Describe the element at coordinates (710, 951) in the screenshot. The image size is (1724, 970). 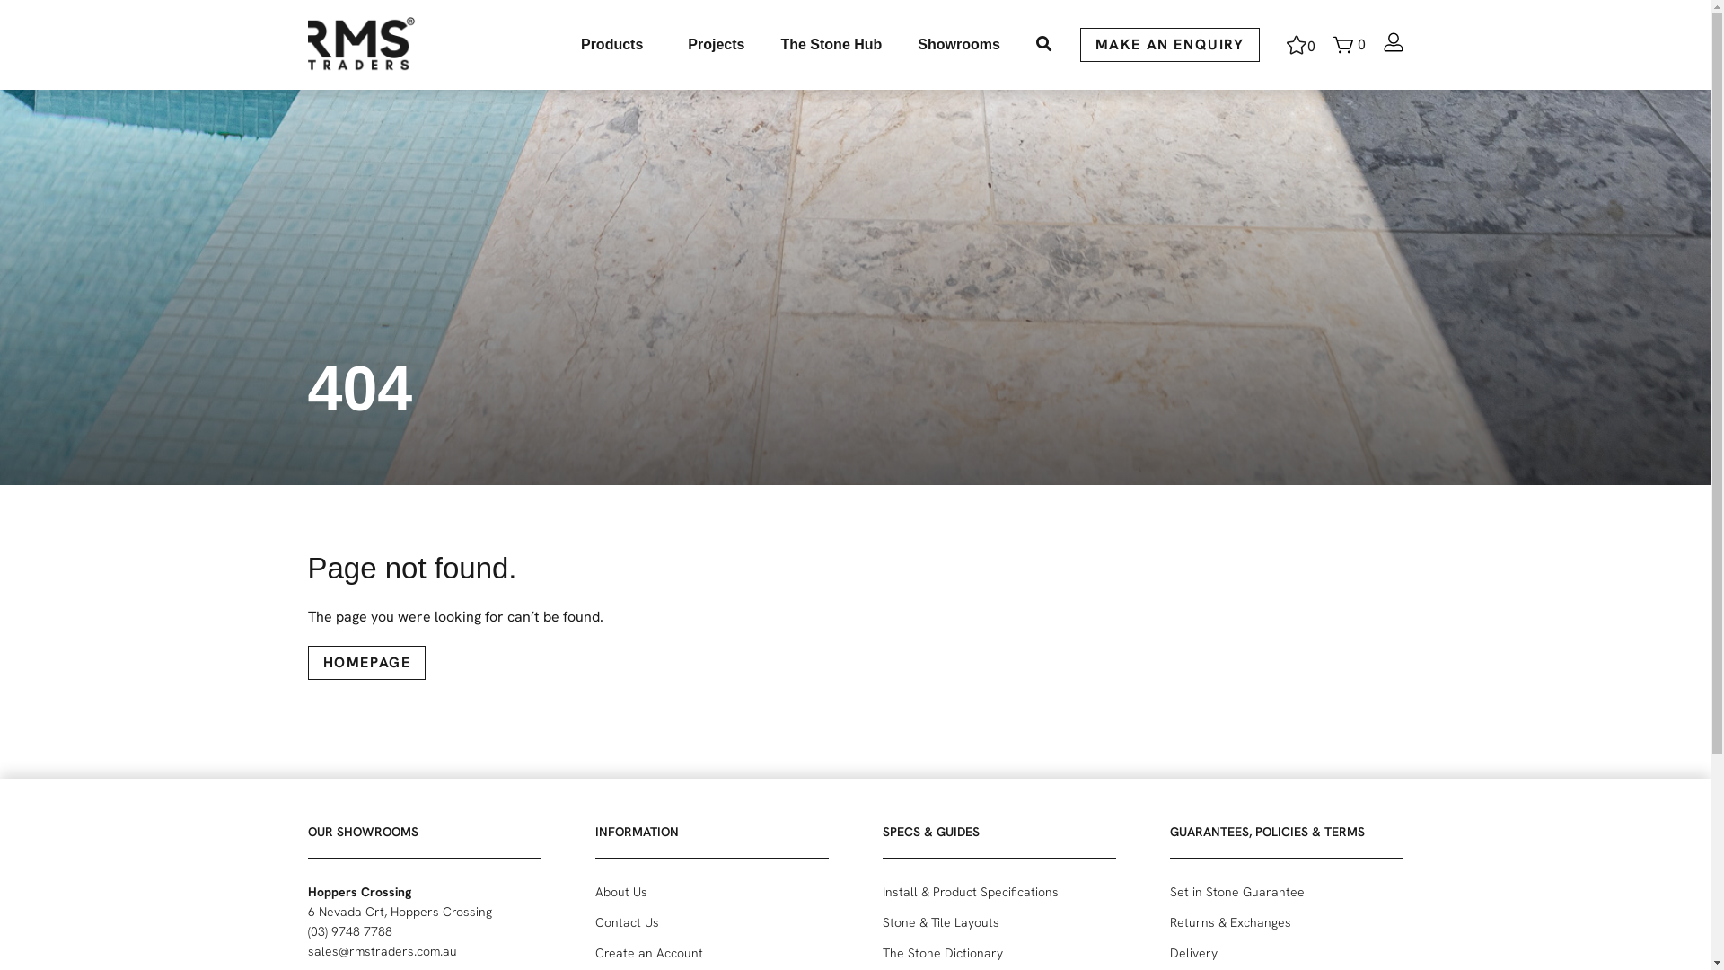
I see `'Create an Account'` at that location.